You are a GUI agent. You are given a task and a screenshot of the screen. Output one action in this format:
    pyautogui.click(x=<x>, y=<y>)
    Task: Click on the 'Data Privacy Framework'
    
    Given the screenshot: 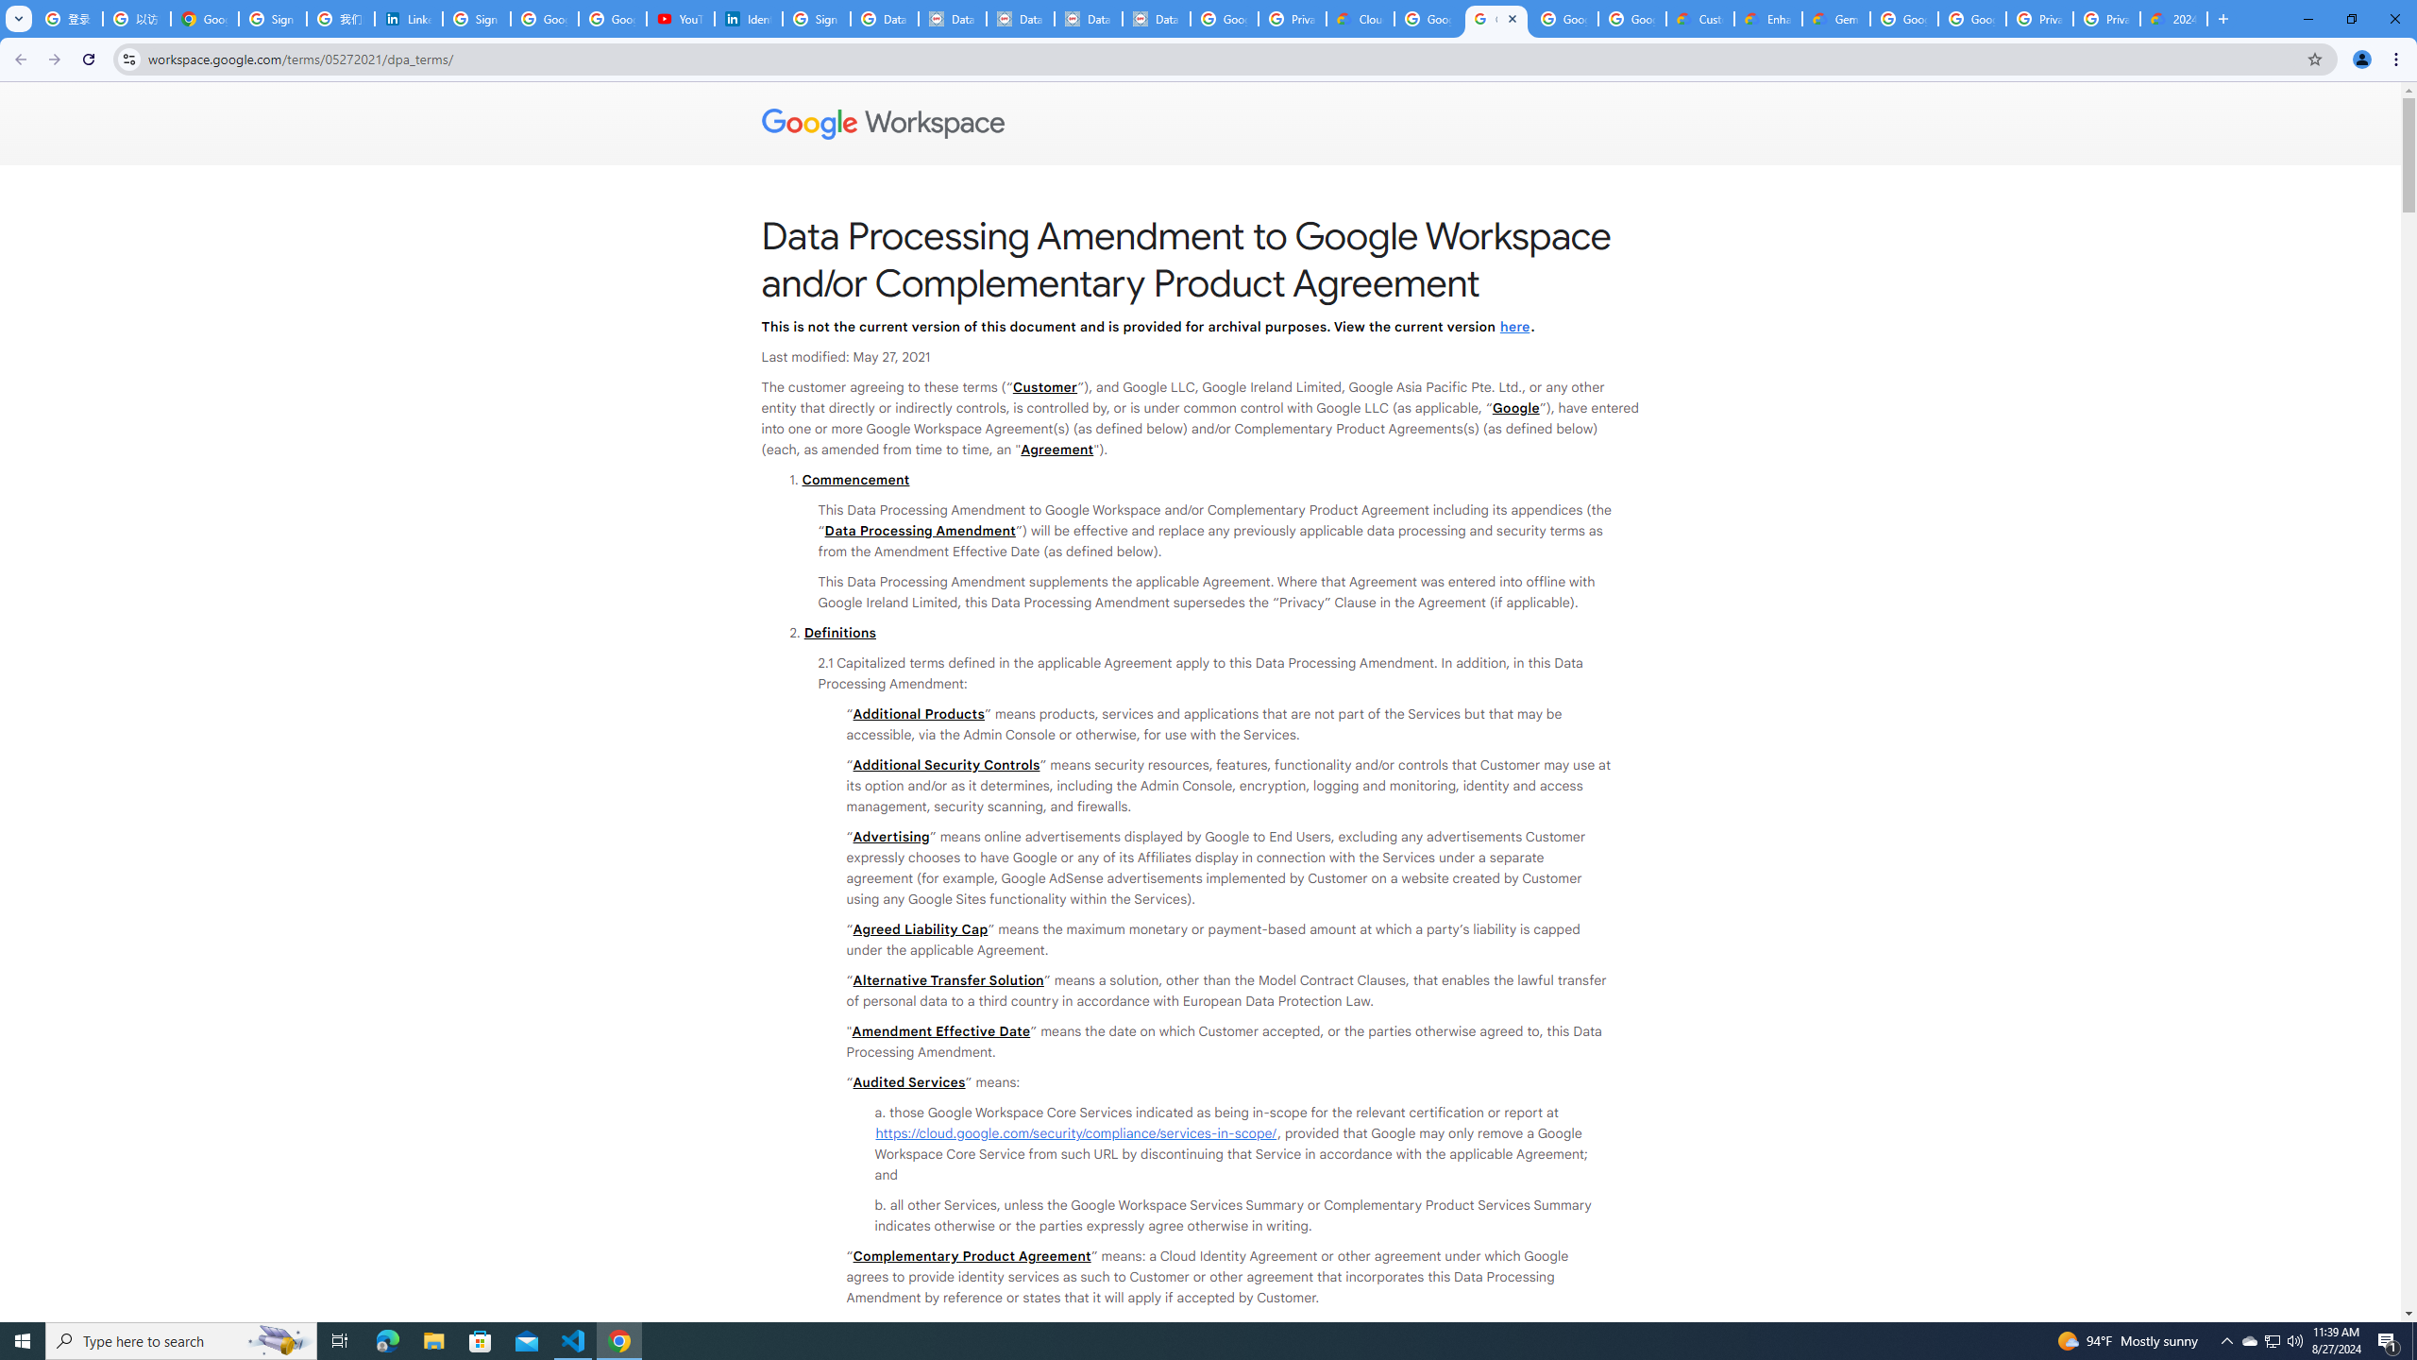 What is the action you would take?
    pyautogui.click(x=1020, y=18)
    